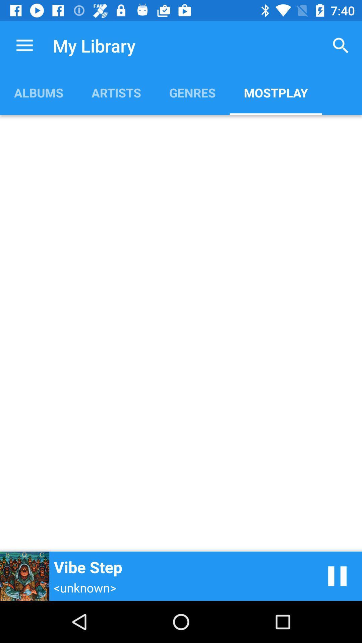  What do you see at coordinates (192, 92) in the screenshot?
I see `app next to artists` at bounding box center [192, 92].